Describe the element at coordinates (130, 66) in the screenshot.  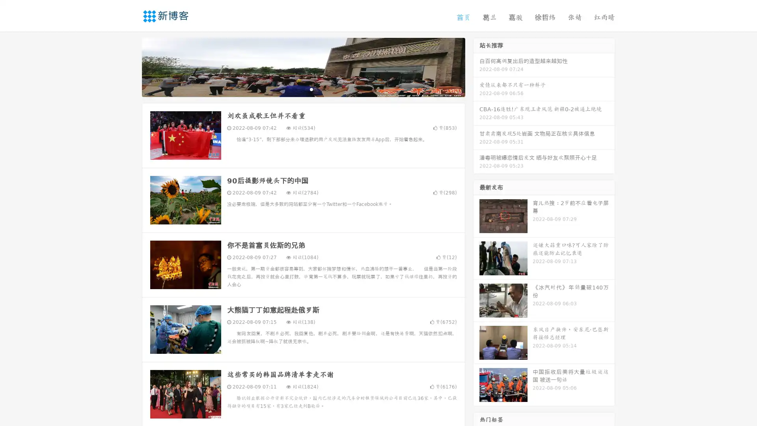
I see `Previous slide` at that location.